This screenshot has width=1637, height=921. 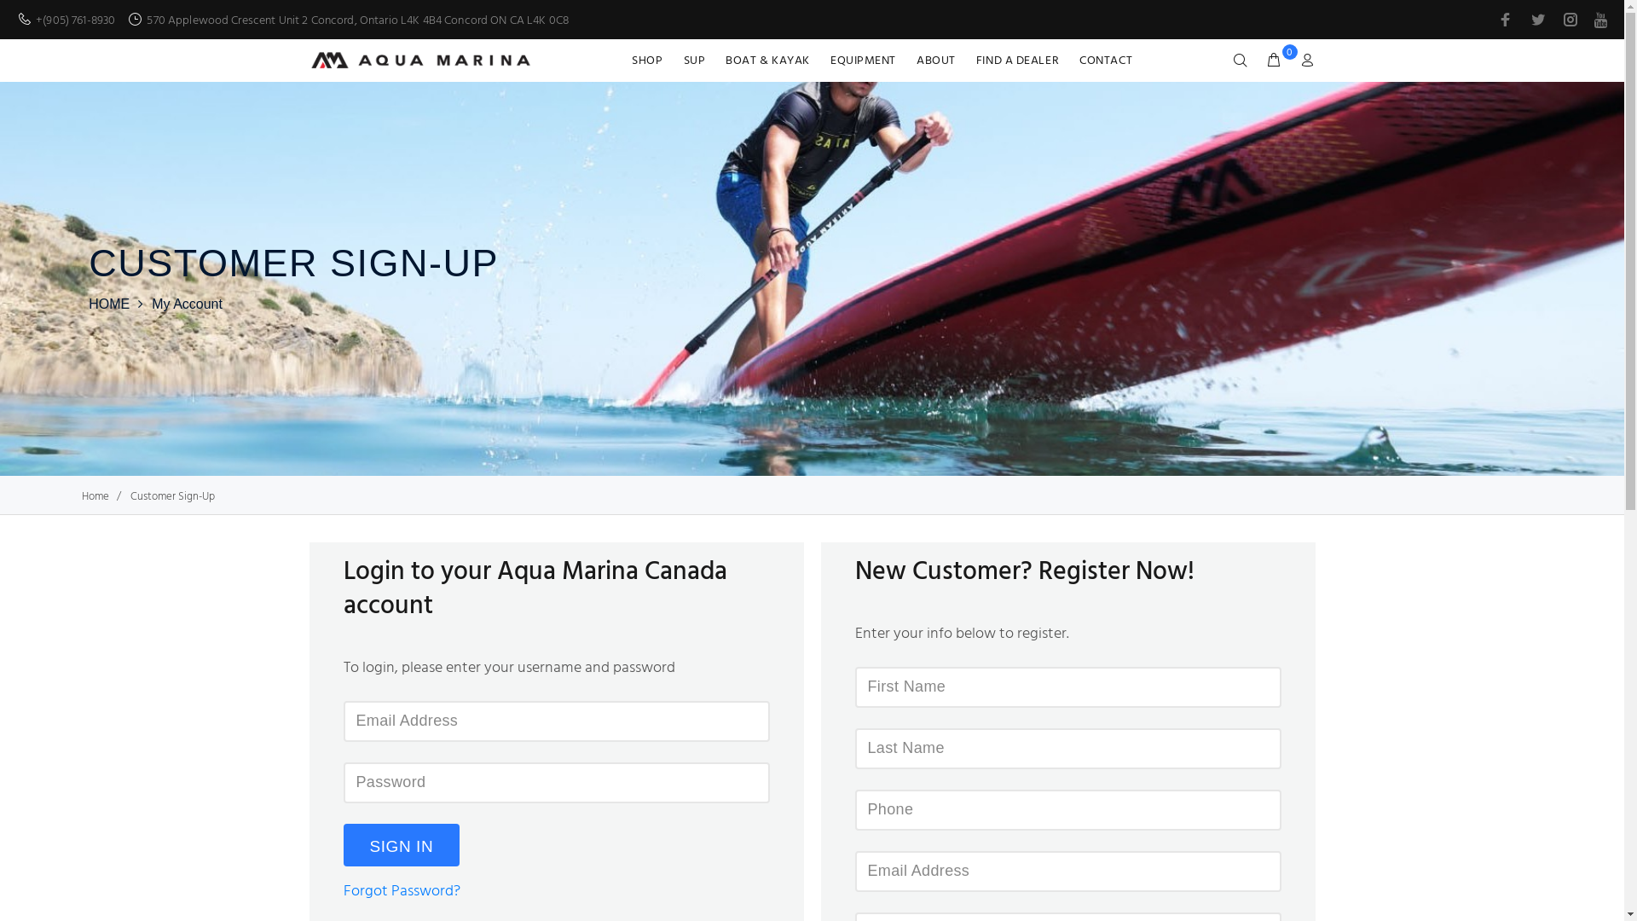 What do you see at coordinates (1067, 686) in the screenshot?
I see `'First Name'` at bounding box center [1067, 686].